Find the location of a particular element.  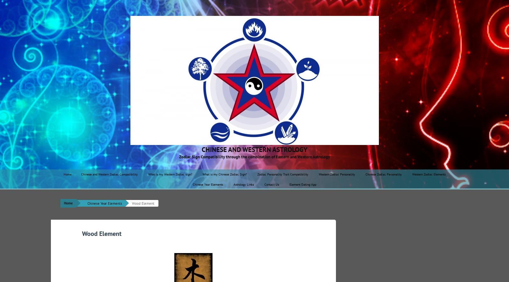

'Chinese and Western Zodiac Compatibility' is located at coordinates (109, 174).